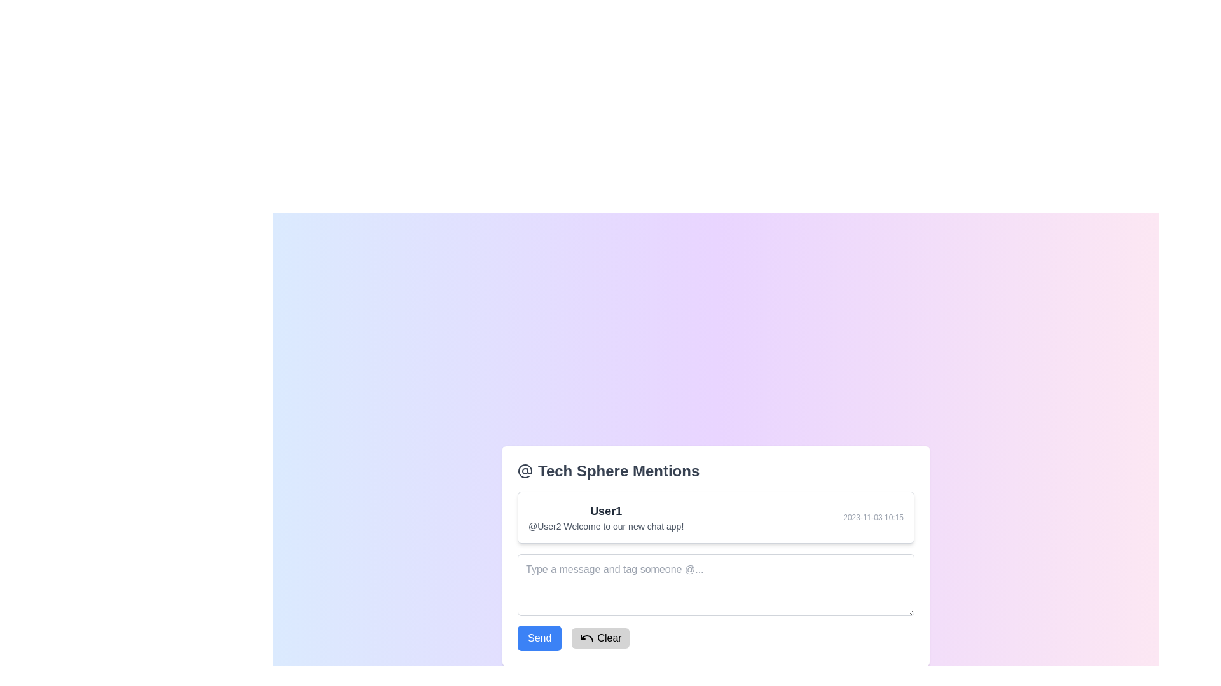 The width and height of the screenshot is (1221, 686). What do you see at coordinates (525, 471) in the screenshot?
I see `the '@' symbol icon that is part of the interface, located to the left of the 'Tech Sphere Mentions' header` at bounding box center [525, 471].